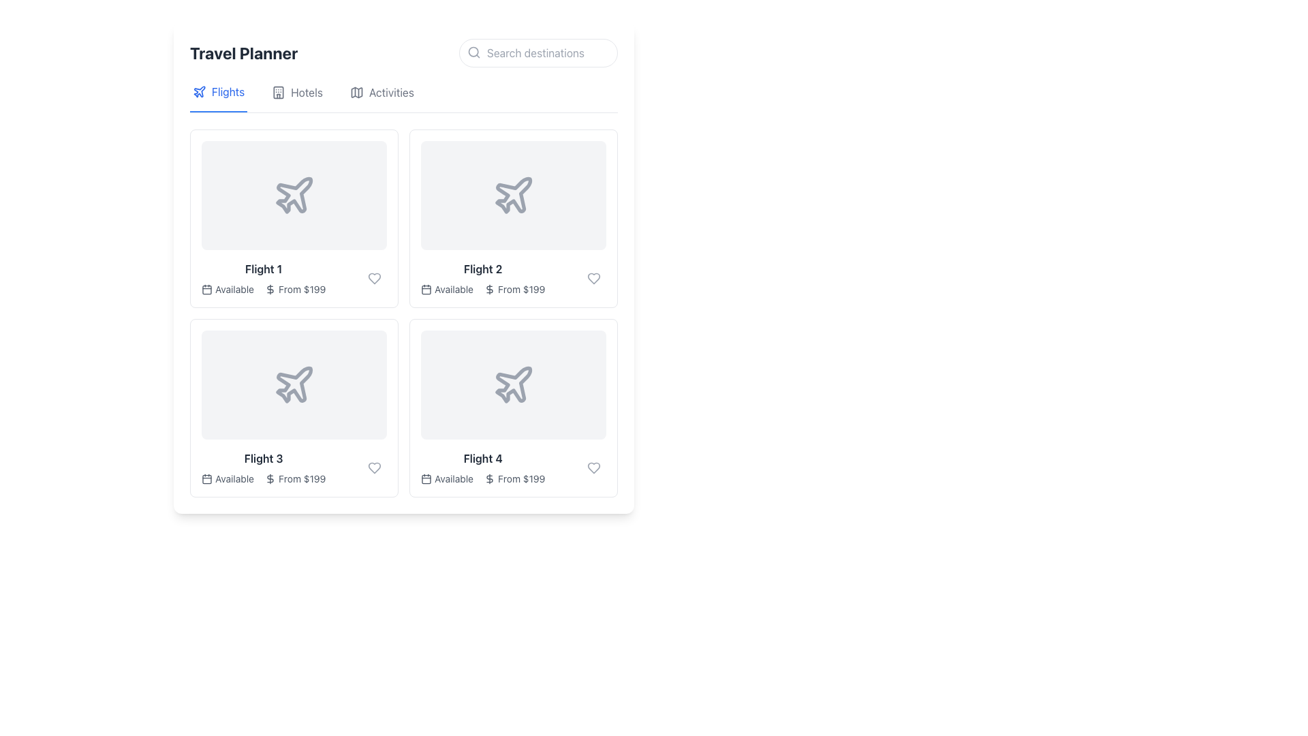  Describe the element at coordinates (301, 288) in the screenshot. I see `the text element that displays the starting price for 'Flight 1', located below the 'Available' label and beside the dollar symbol icon in the first row of the grid layout` at that location.